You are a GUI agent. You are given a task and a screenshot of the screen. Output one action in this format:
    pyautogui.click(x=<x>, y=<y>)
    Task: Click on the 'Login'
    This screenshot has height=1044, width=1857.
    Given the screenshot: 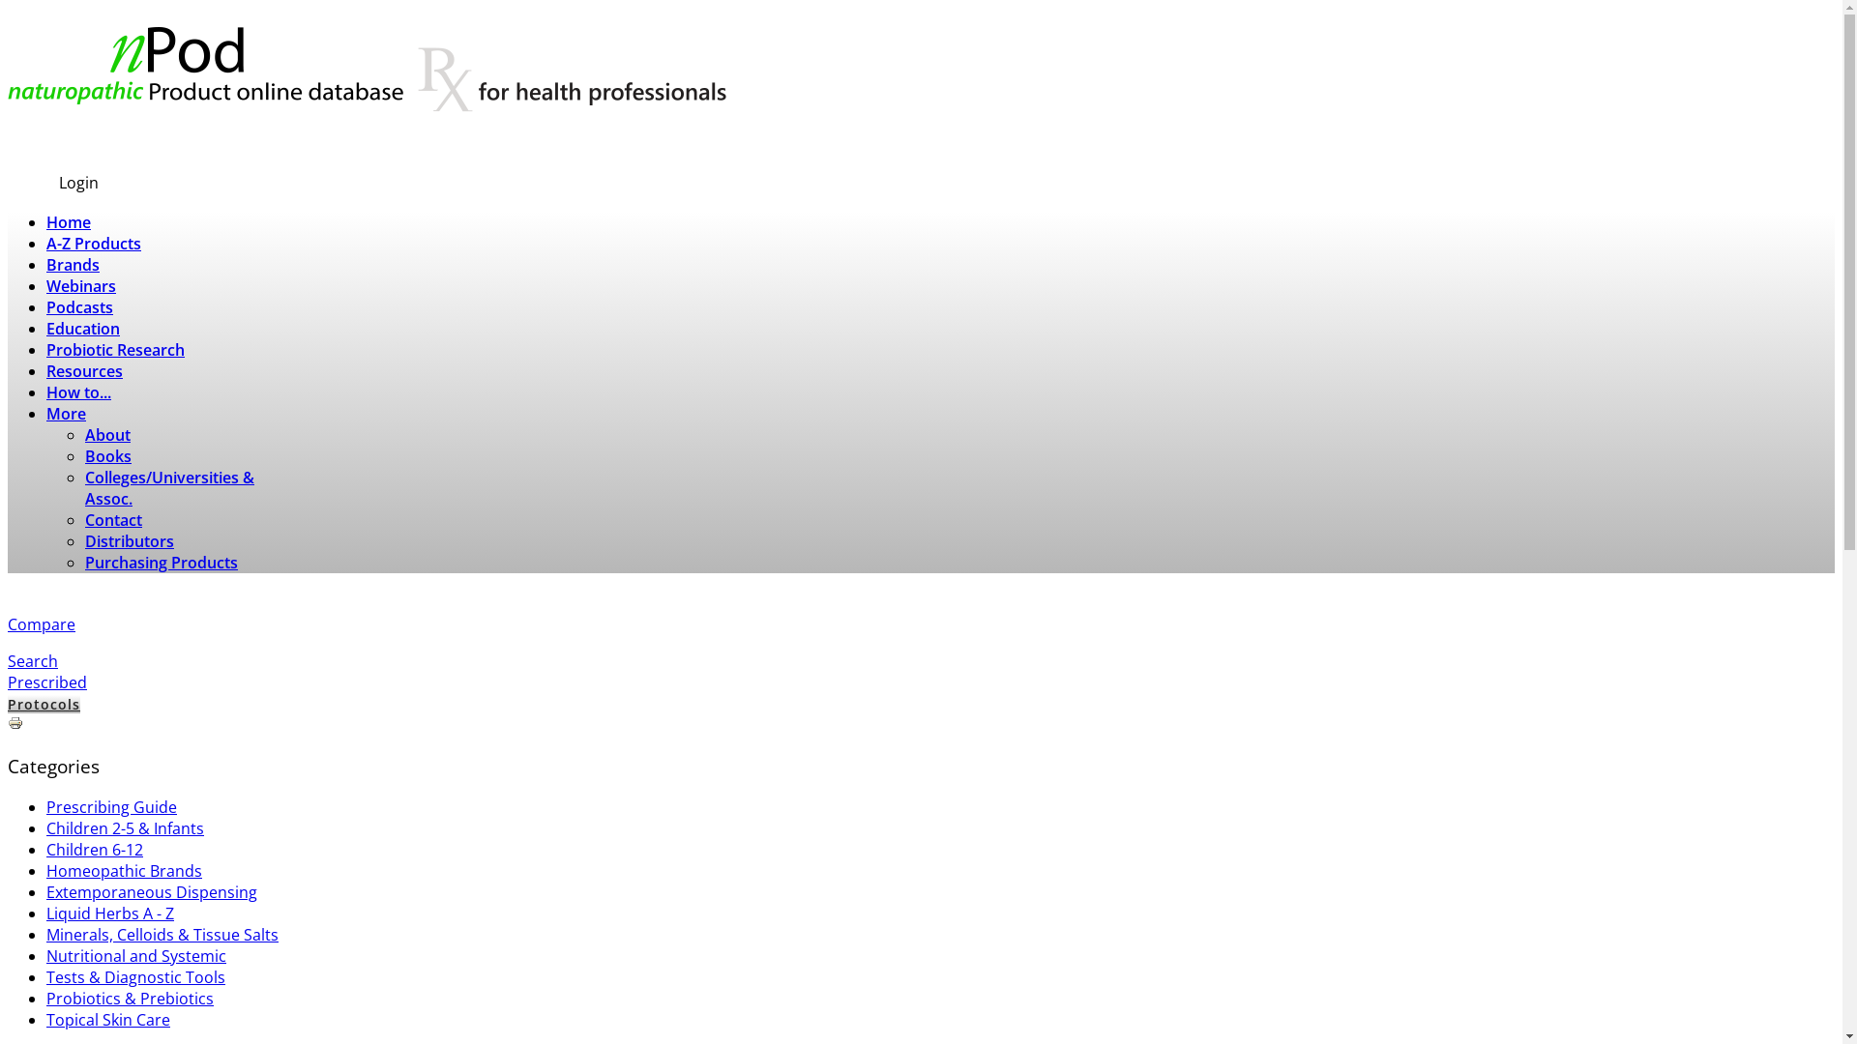 What is the action you would take?
    pyautogui.click(x=77, y=183)
    